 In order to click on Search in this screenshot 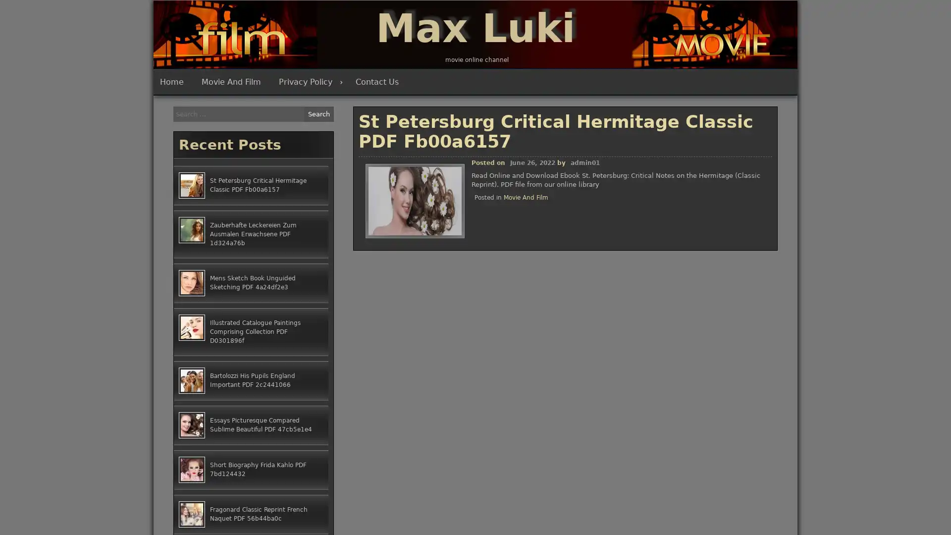, I will do `click(318, 113)`.